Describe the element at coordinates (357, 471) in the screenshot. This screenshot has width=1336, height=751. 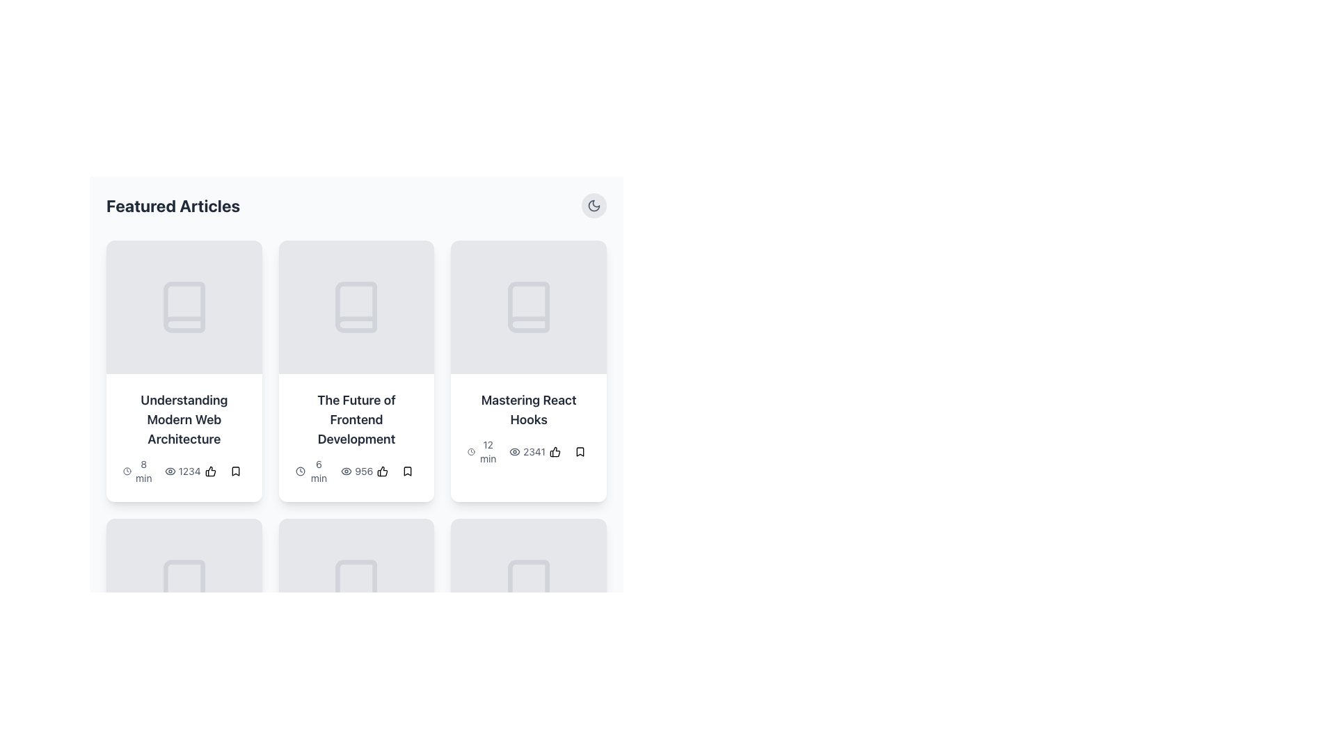
I see `the icon in the Label displaying the count of views associated with the article 'The Future of Frontend Development'` at that location.